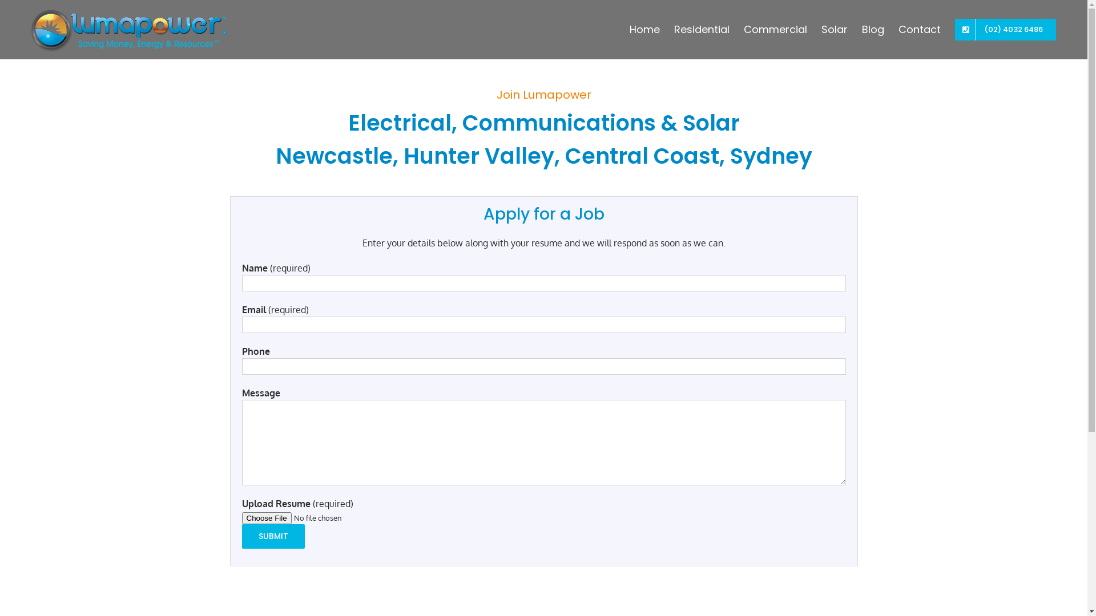  What do you see at coordinates (1005, 29) in the screenshot?
I see `'(02) 4032 6486'` at bounding box center [1005, 29].